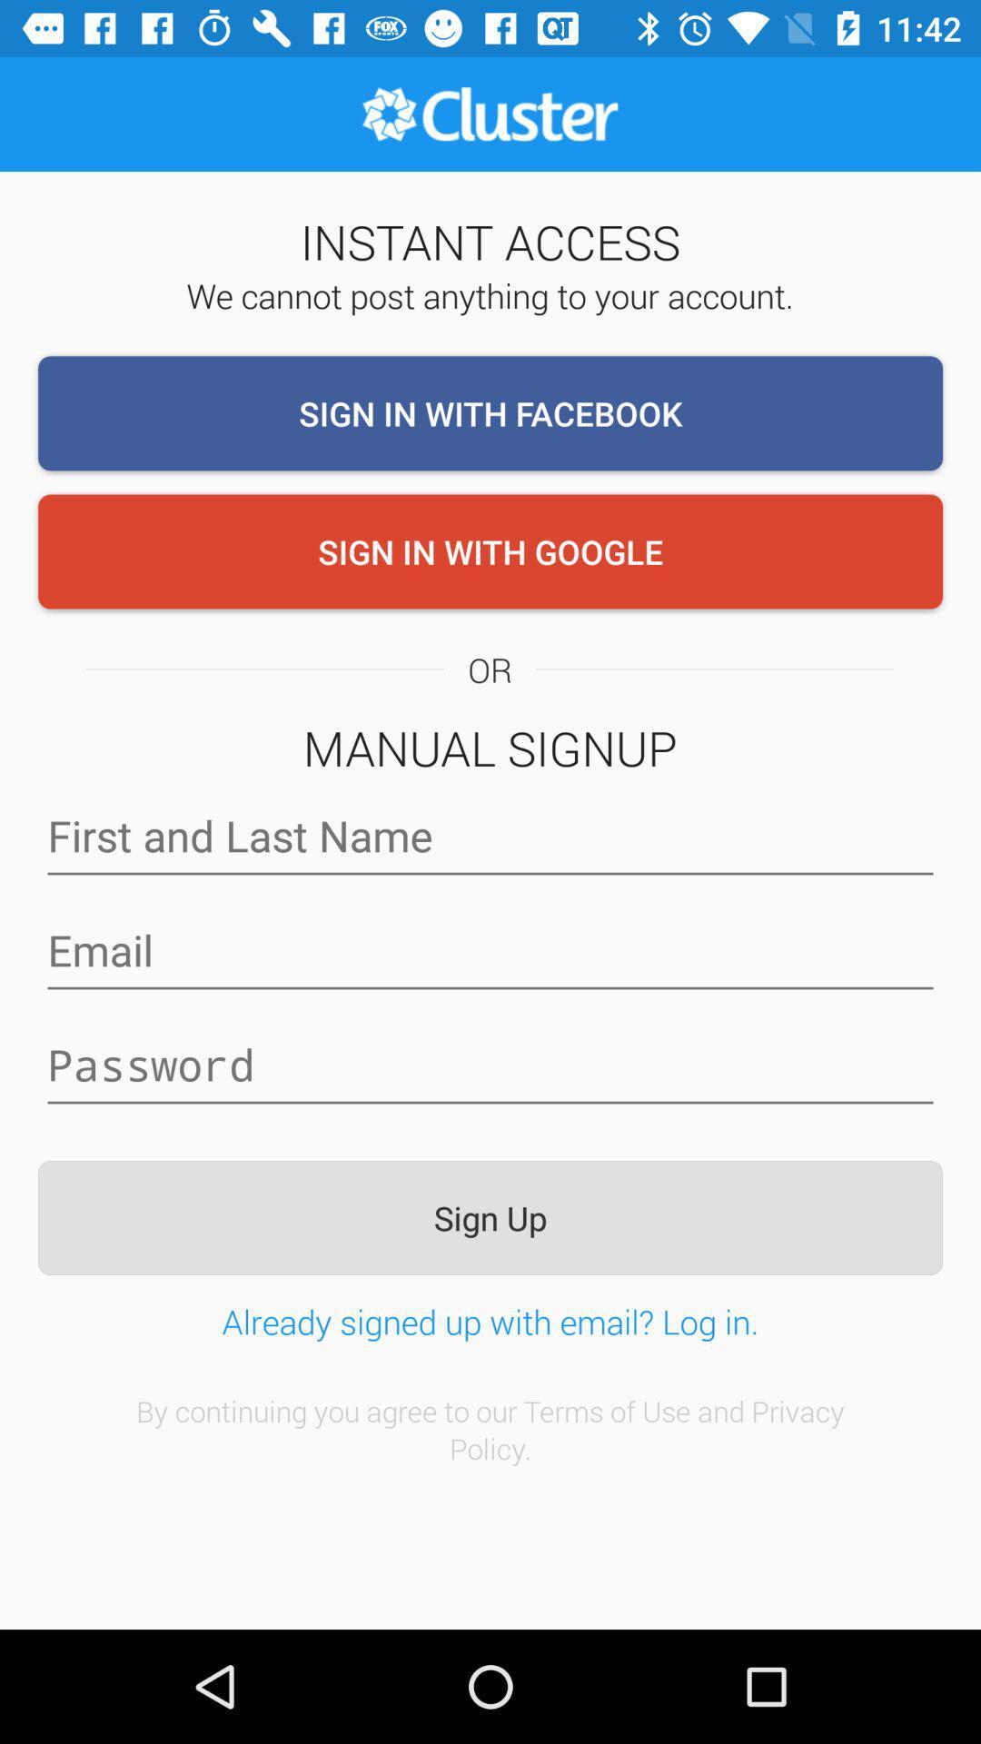  I want to click on insert password, so click(490, 1065).